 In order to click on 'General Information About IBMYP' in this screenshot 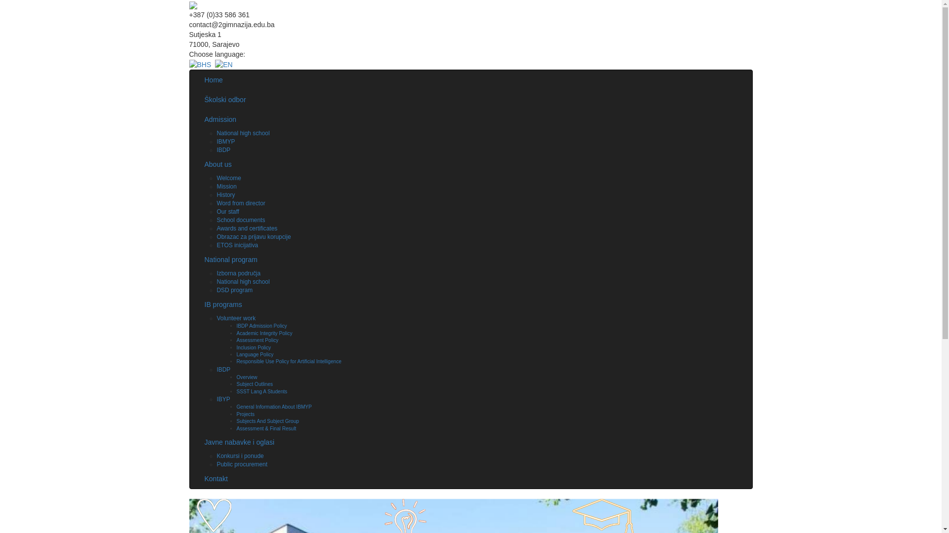, I will do `click(273, 407)`.